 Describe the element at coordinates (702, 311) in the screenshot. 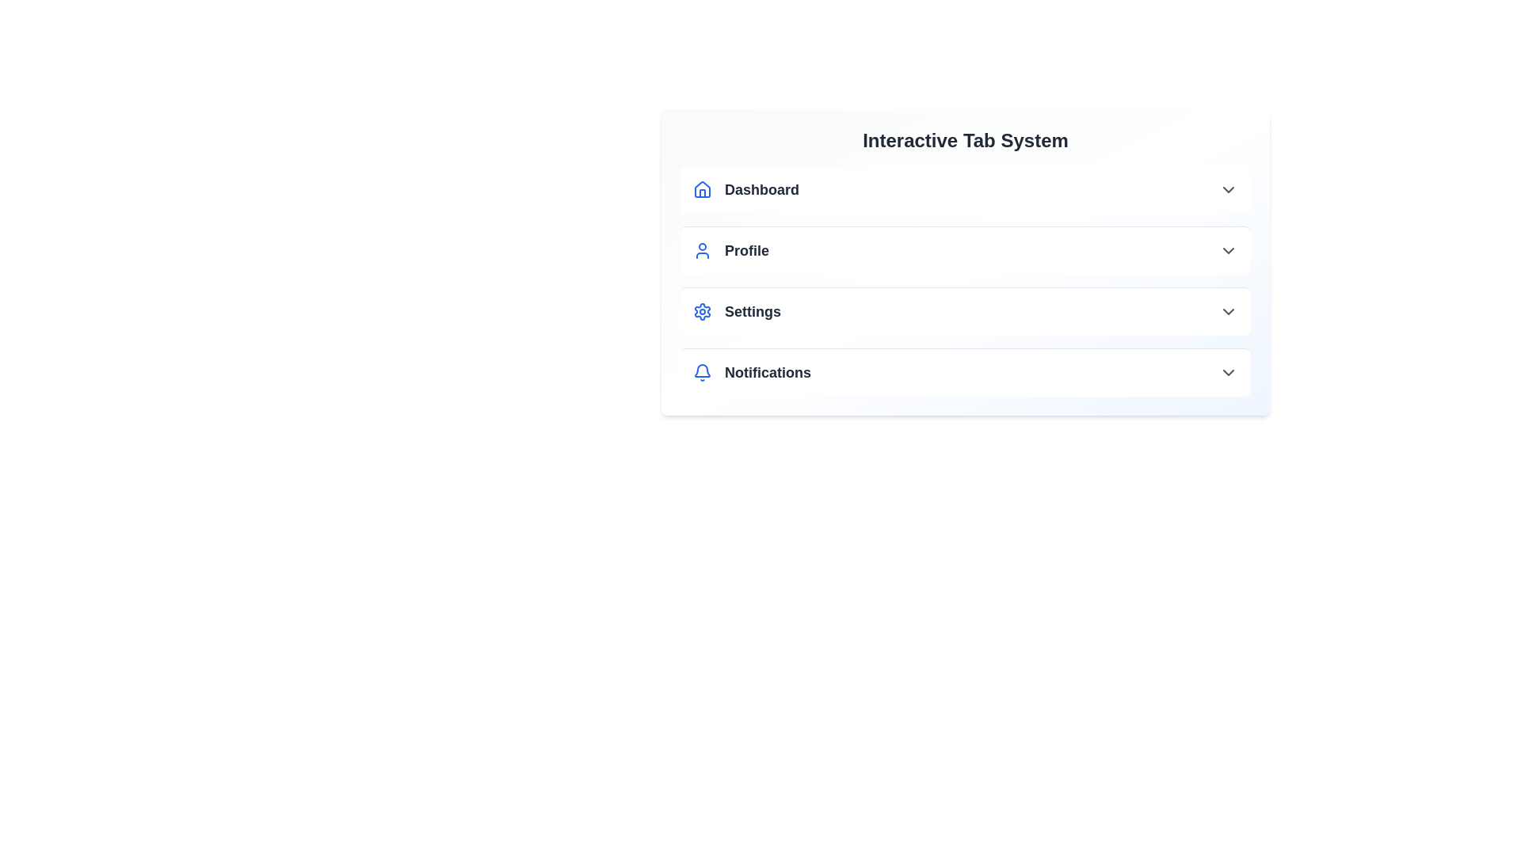

I see `the Settings icon located at the first position on the left of the 'Settings' row in the navigation menu` at that location.